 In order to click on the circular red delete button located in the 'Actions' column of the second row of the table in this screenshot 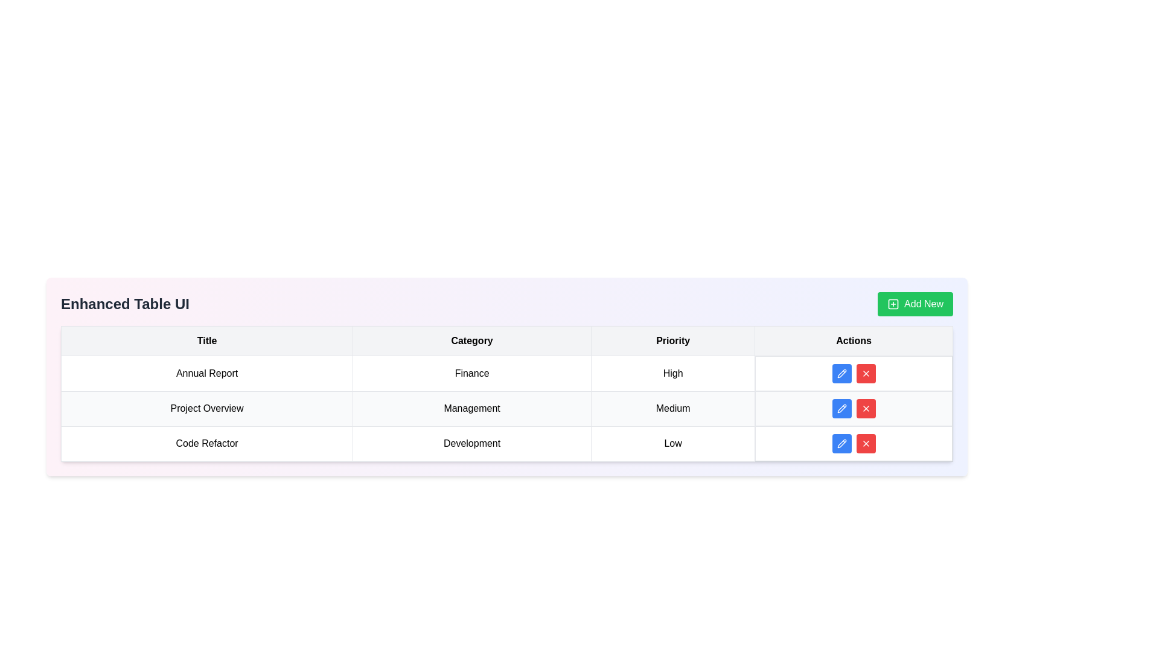, I will do `click(865, 372)`.